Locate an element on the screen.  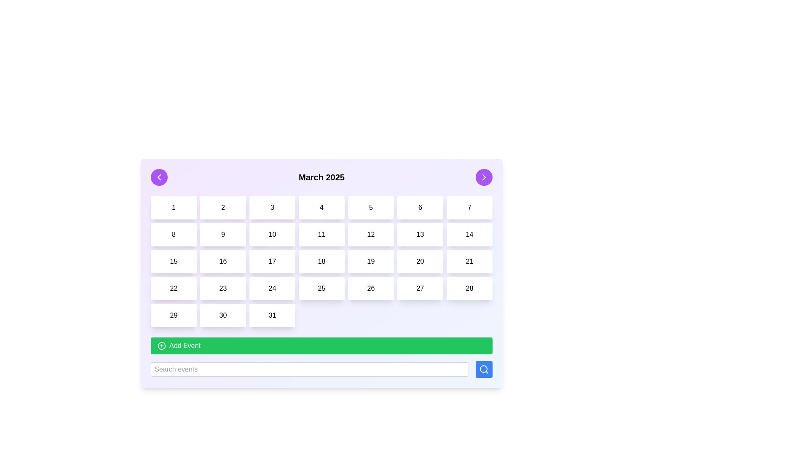
the Date box representing the 19th day in the calendar grid is located at coordinates (371, 261).